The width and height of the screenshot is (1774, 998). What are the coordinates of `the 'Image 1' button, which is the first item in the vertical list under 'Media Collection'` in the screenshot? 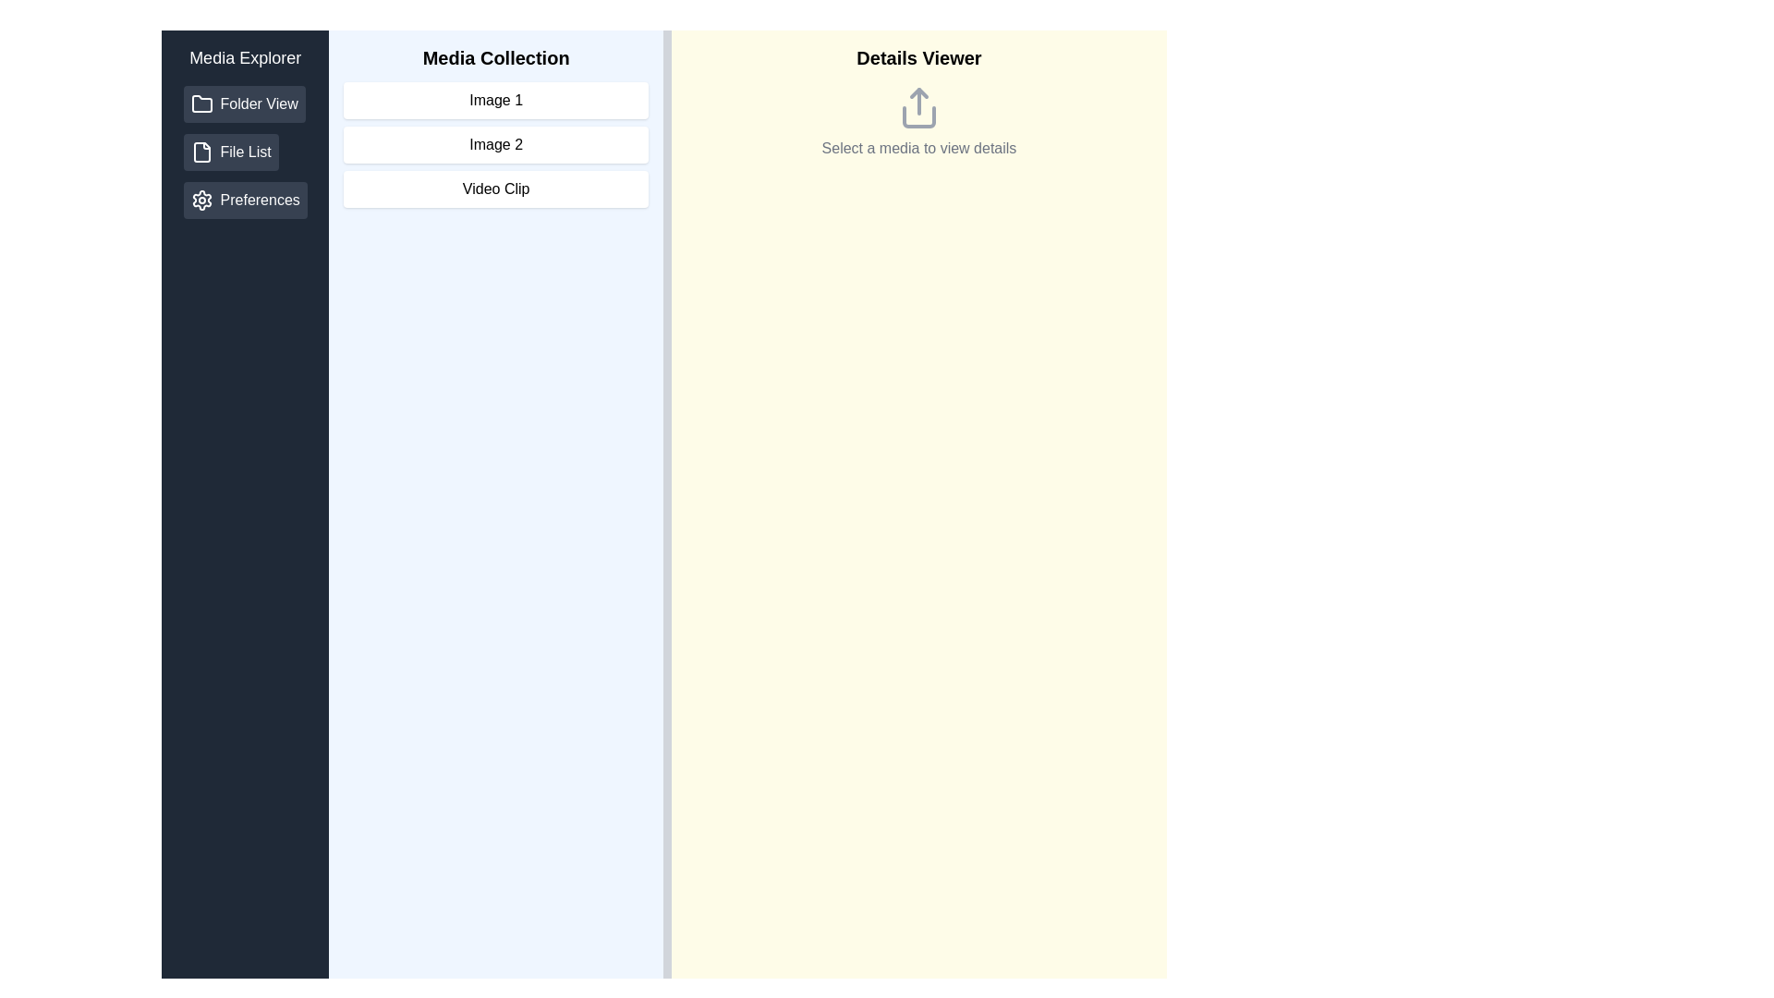 It's located at (496, 100).